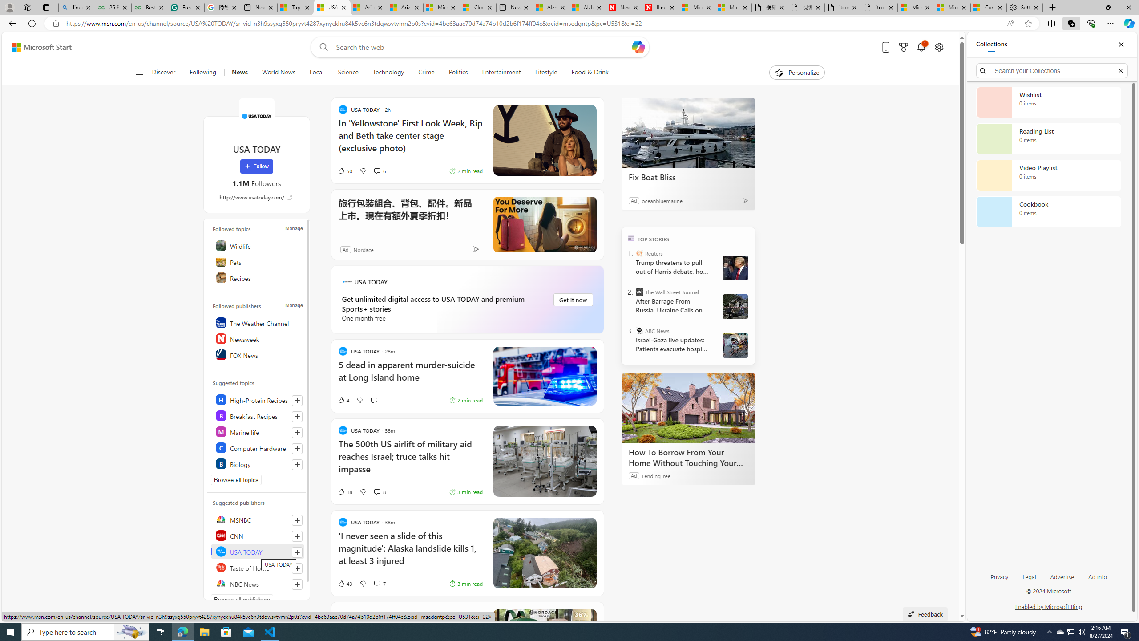 Image resolution: width=1139 pixels, height=641 pixels. Describe the element at coordinates (257, 322) in the screenshot. I see `'The Weather Channel'` at that location.